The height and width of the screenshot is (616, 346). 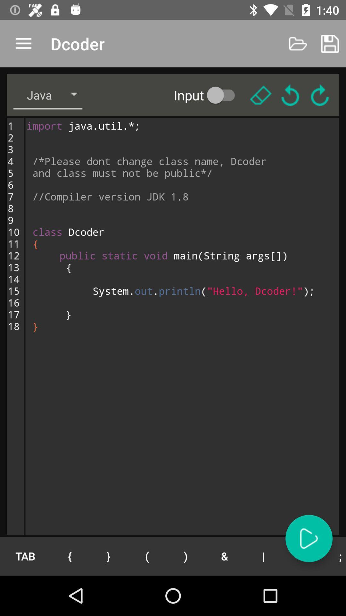 I want to click on item next to | item, so click(x=224, y=556).